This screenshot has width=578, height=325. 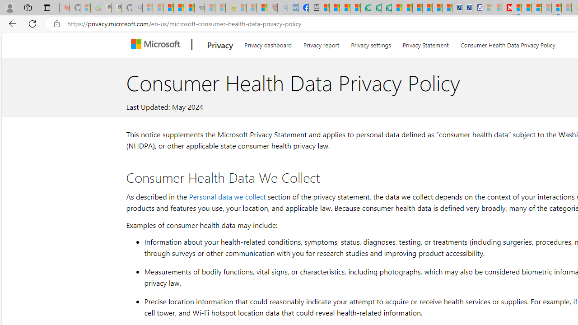 I want to click on 'Privacy Statement', so click(x=425, y=43).